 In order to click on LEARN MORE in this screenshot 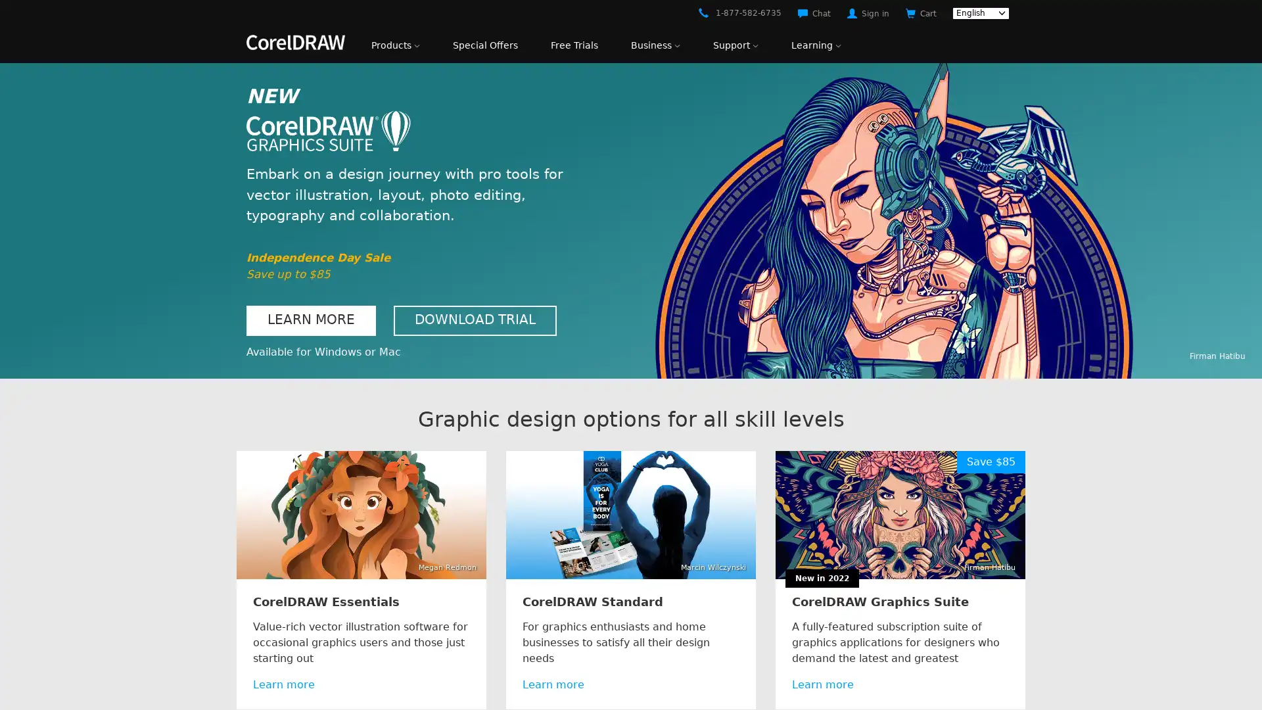, I will do `click(310, 320)`.